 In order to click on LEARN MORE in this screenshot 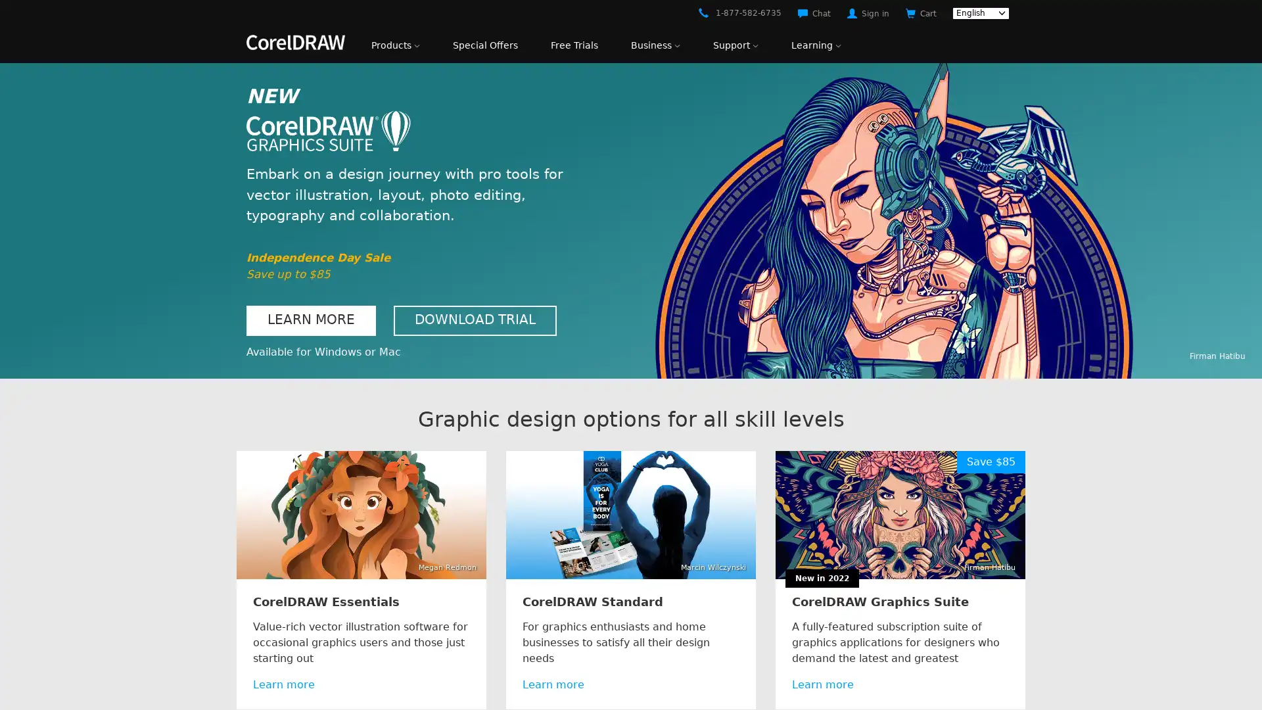, I will do `click(310, 320)`.